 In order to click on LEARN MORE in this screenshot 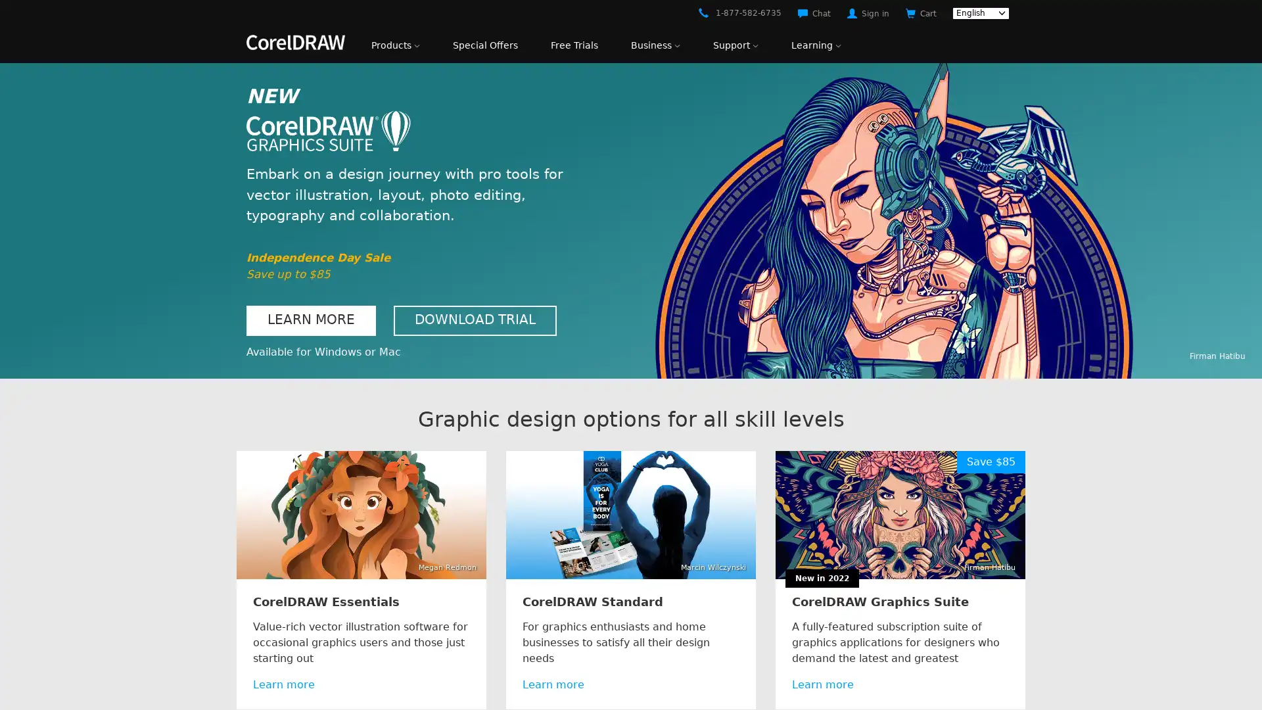, I will do `click(310, 320)`.